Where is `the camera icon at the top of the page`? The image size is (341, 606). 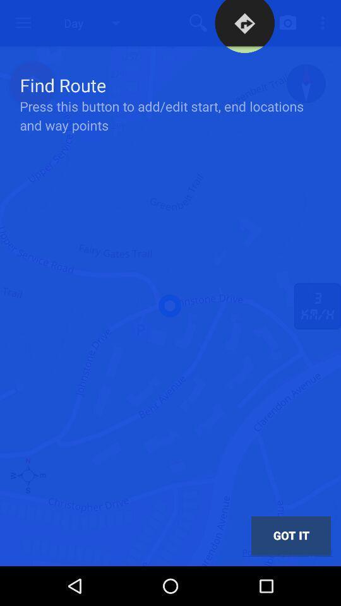
the camera icon at the top of the page is located at coordinates (288, 22).